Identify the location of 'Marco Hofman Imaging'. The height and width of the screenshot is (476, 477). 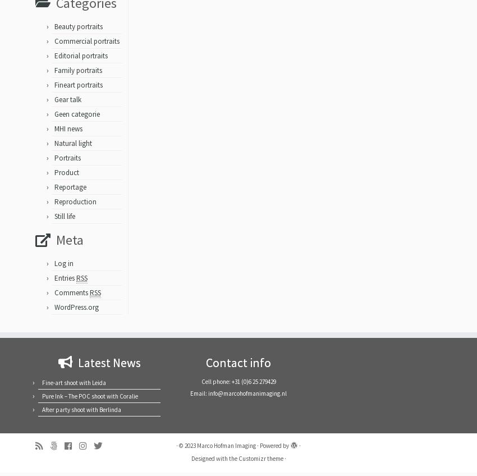
(226, 450).